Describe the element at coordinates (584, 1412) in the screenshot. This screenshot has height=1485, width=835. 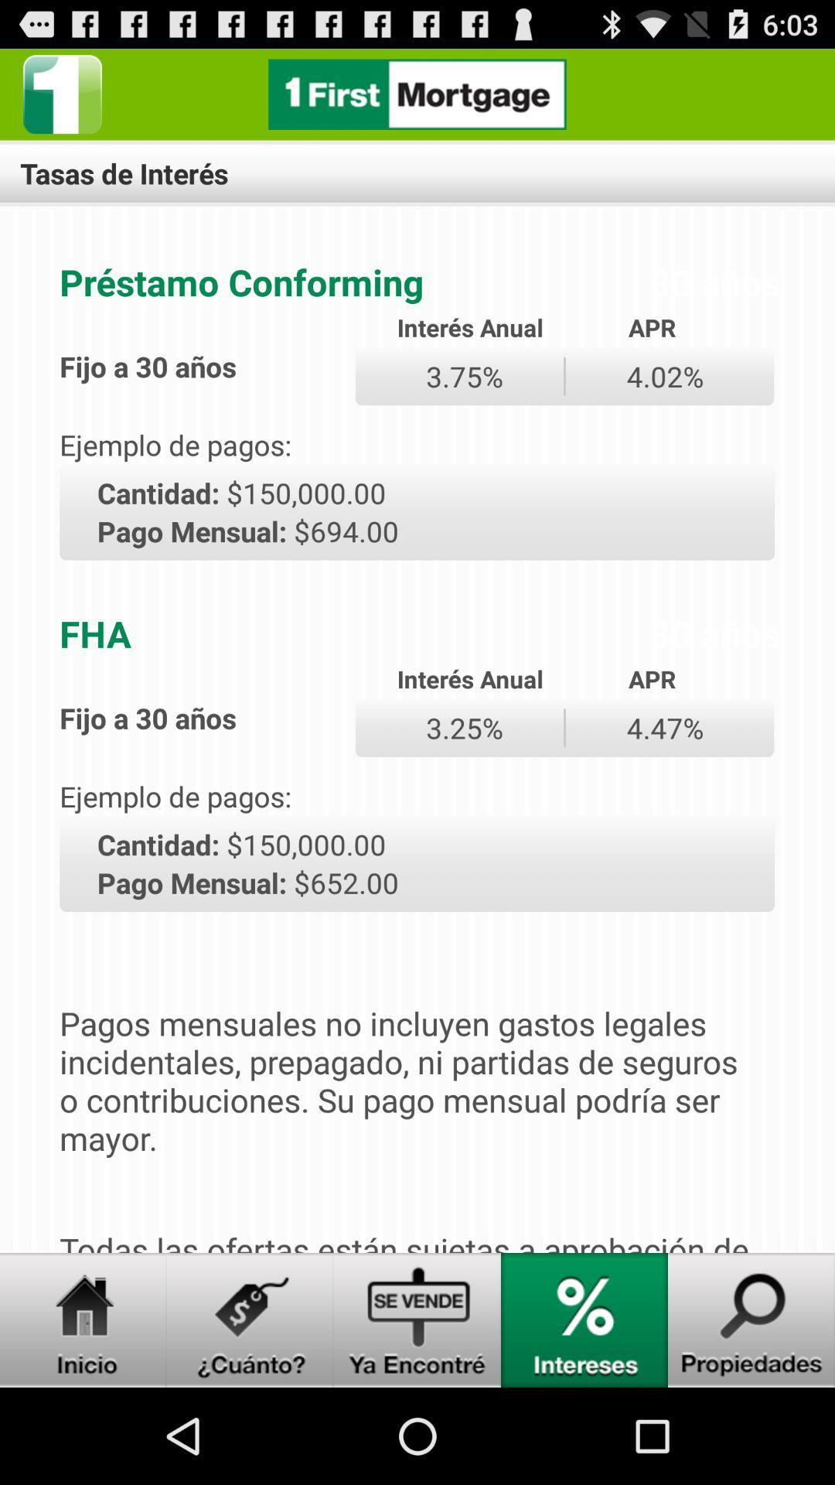
I see `the location icon` at that location.